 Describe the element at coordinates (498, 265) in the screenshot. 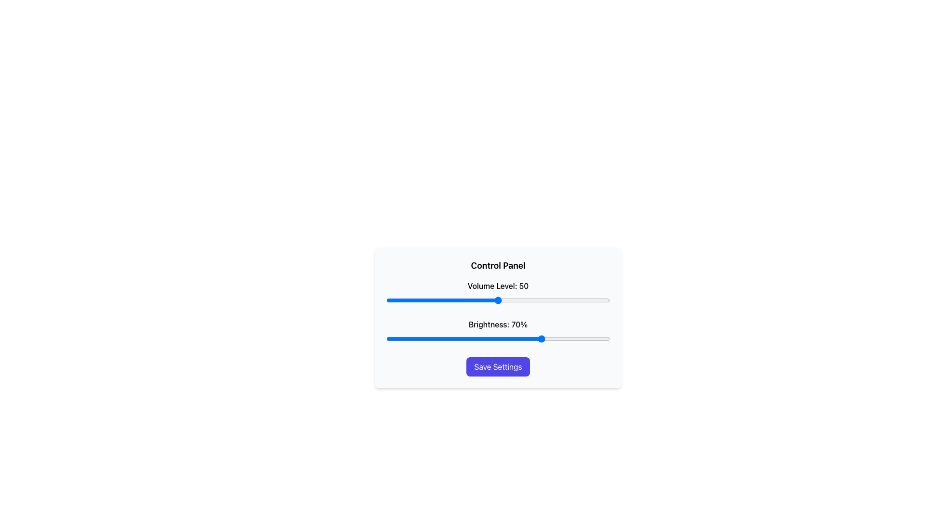

I see `the bold 'Control Panel' text label located at the top of the card-like interface` at that location.